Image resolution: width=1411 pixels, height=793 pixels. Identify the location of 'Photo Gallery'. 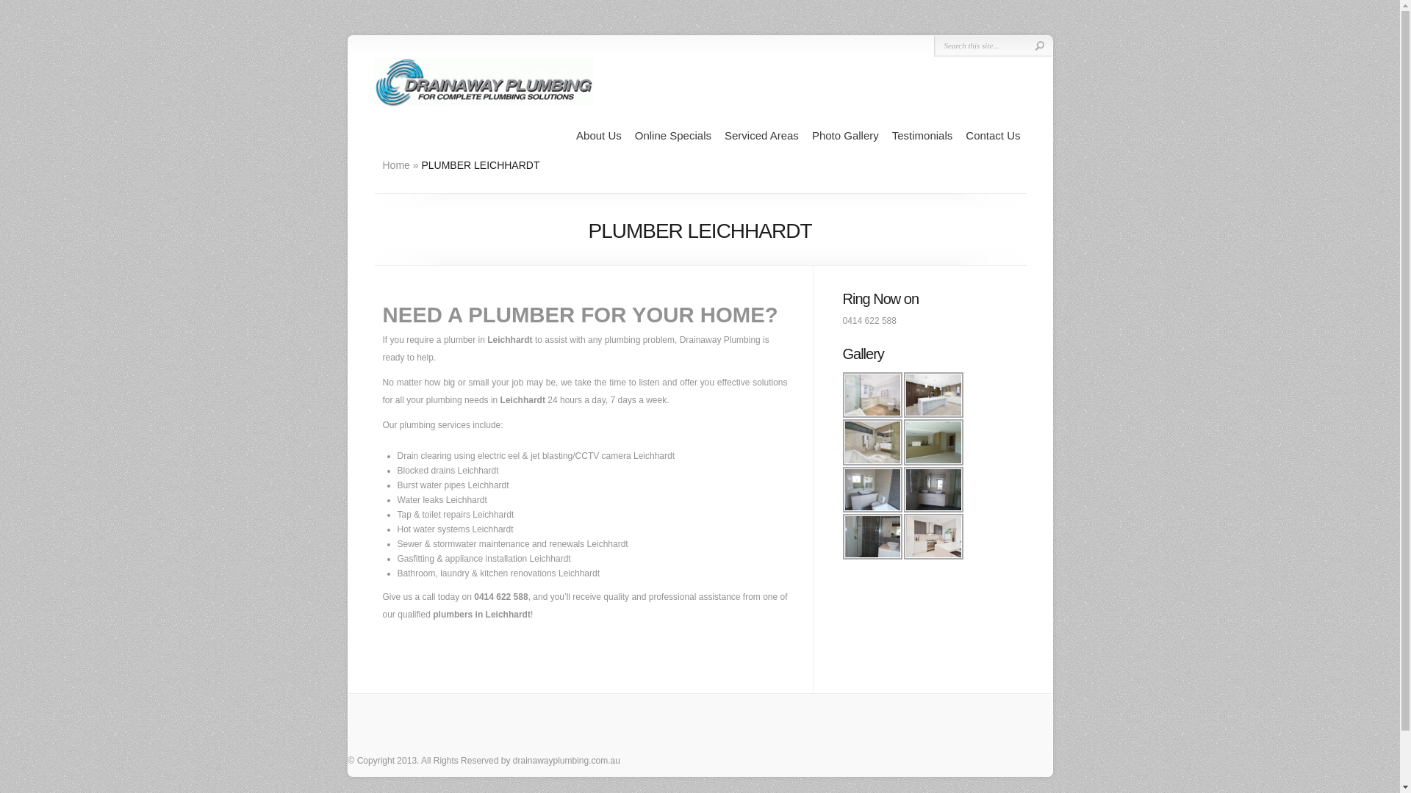
(845, 136).